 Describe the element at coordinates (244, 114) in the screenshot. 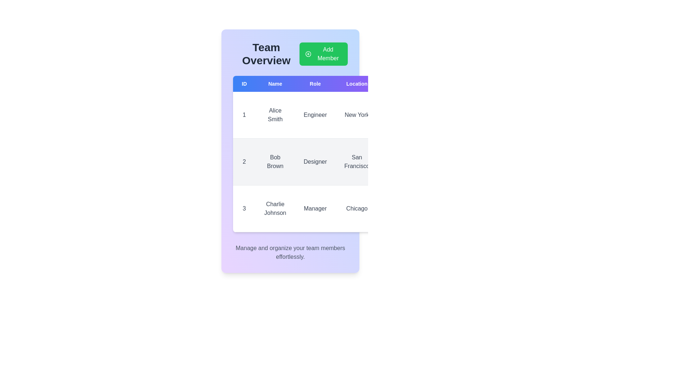

I see `the unique identifier text element located in the first row and first column of the table, which is positioned to the left of 'Alice Smith'` at that location.